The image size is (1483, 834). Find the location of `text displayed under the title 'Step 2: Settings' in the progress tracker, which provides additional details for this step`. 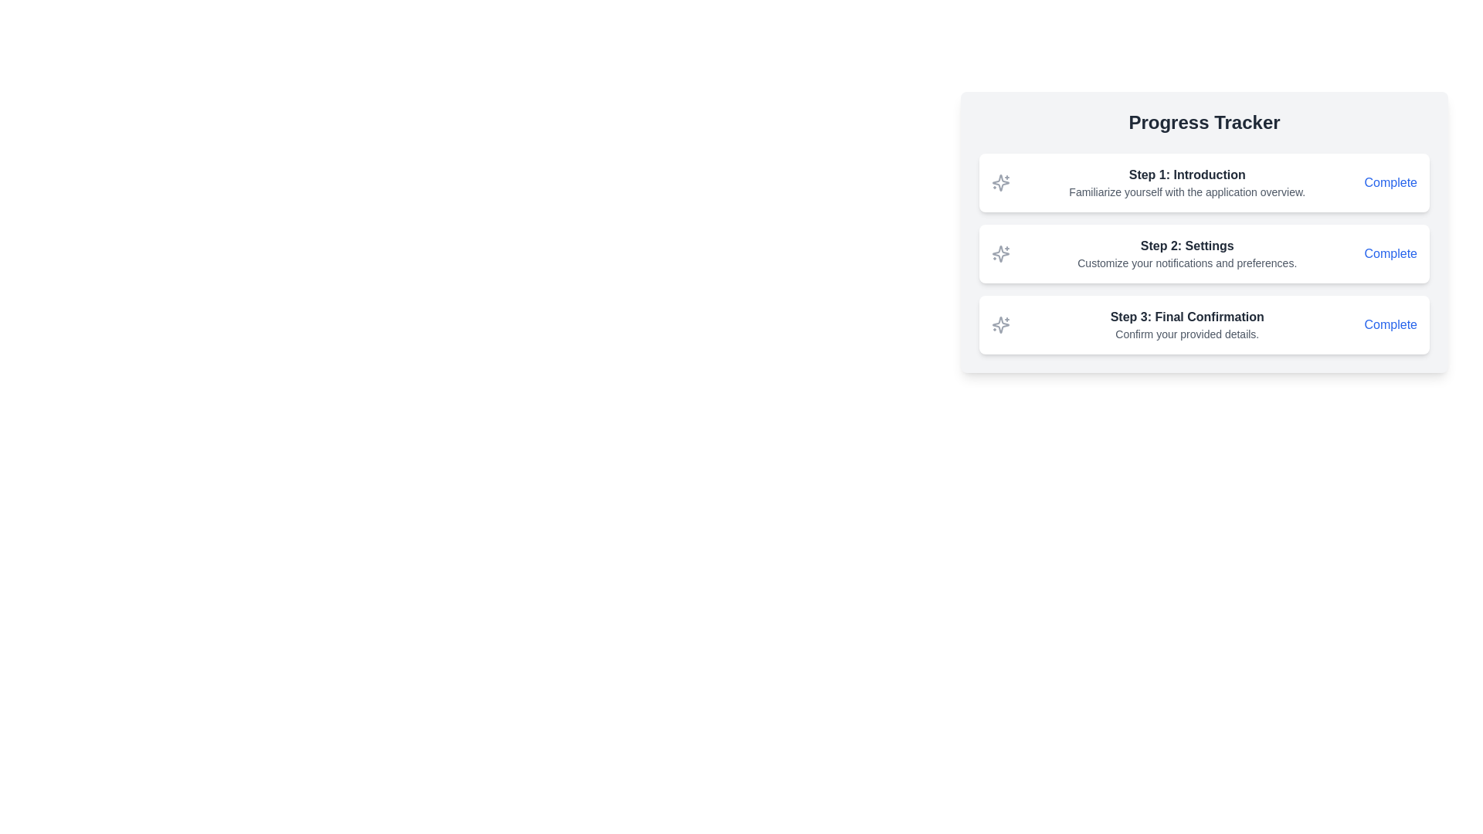

text displayed under the title 'Step 2: Settings' in the progress tracker, which provides additional details for this step is located at coordinates (1186, 262).